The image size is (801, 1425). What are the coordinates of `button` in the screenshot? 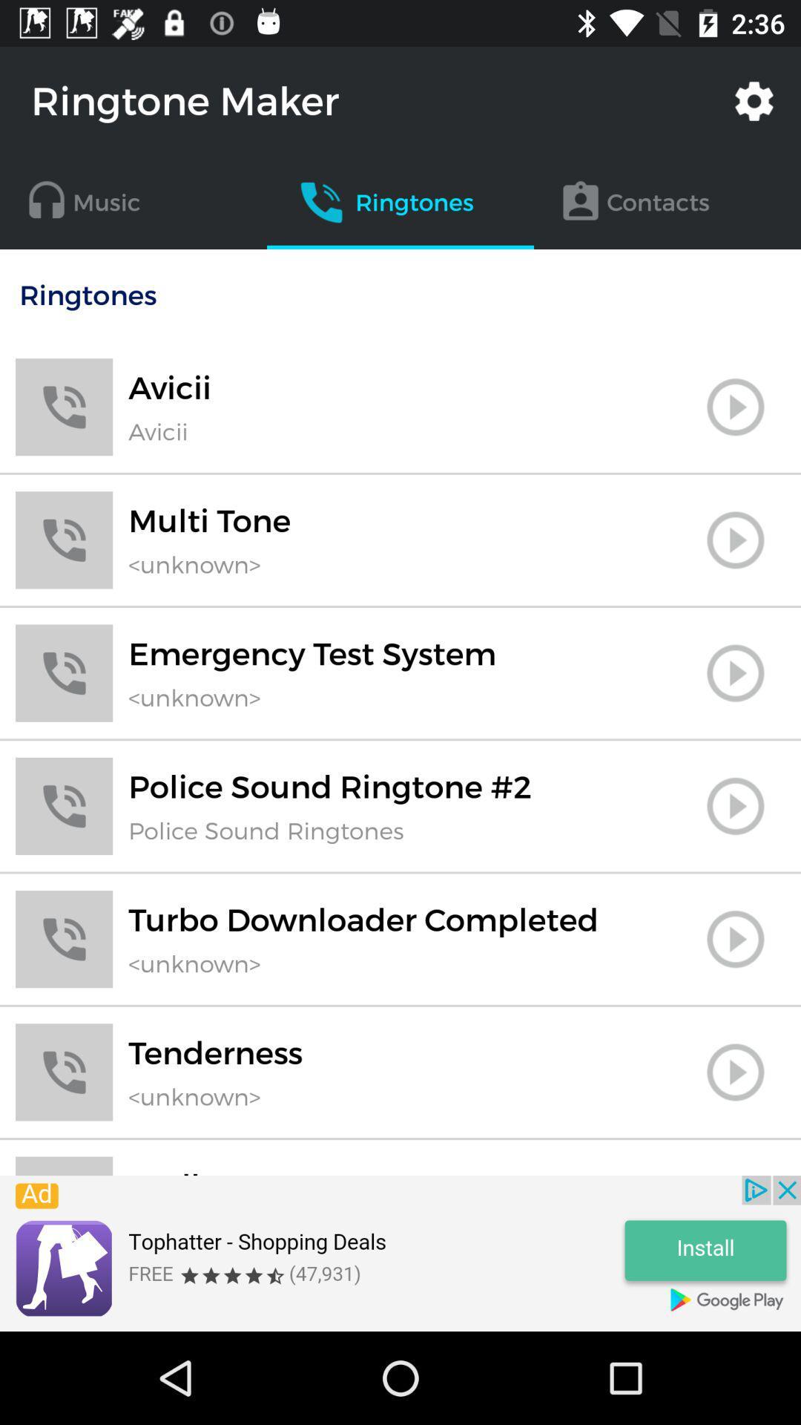 It's located at (735, 938).